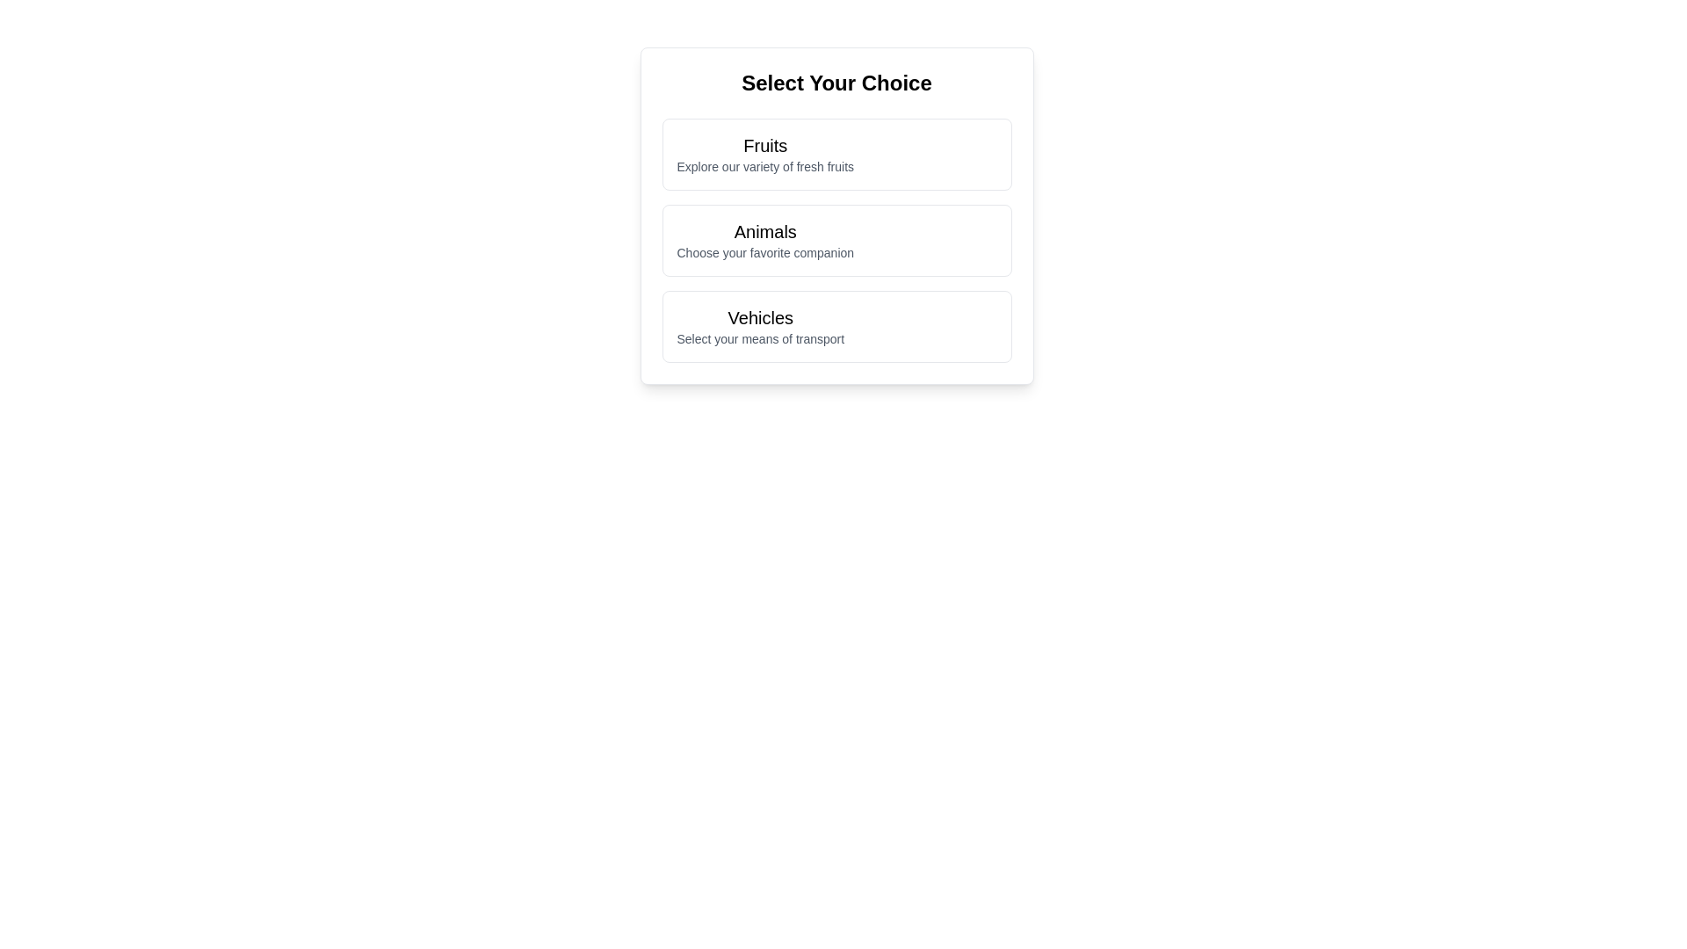  Describe the element at coordinates (765, 240) in the screenshot. I see `the 'Animals' category text block, which is the second option in the selection menu, positioned below 'Fruits' and above 'Vehicles'` at that location.